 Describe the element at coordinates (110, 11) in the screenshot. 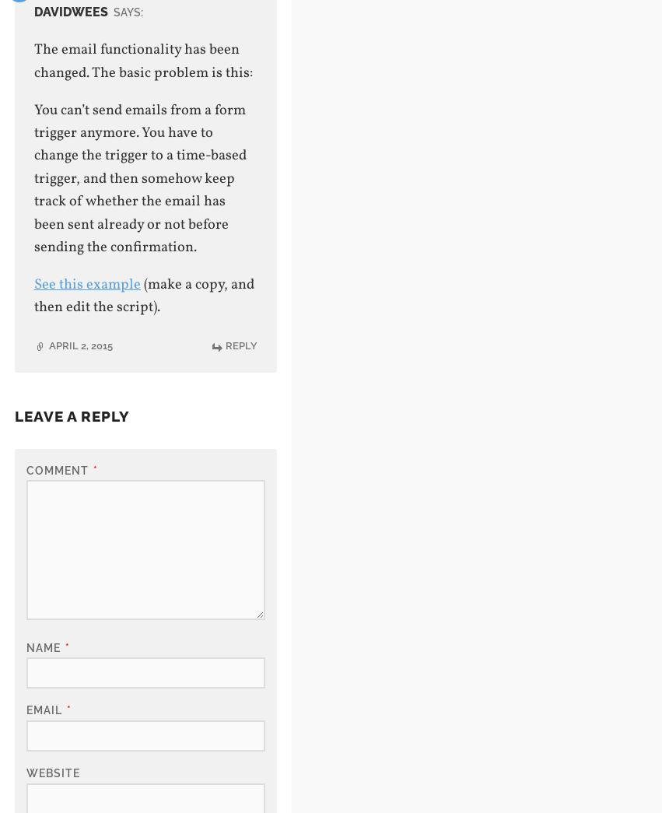

I see `'says:'` at that location.